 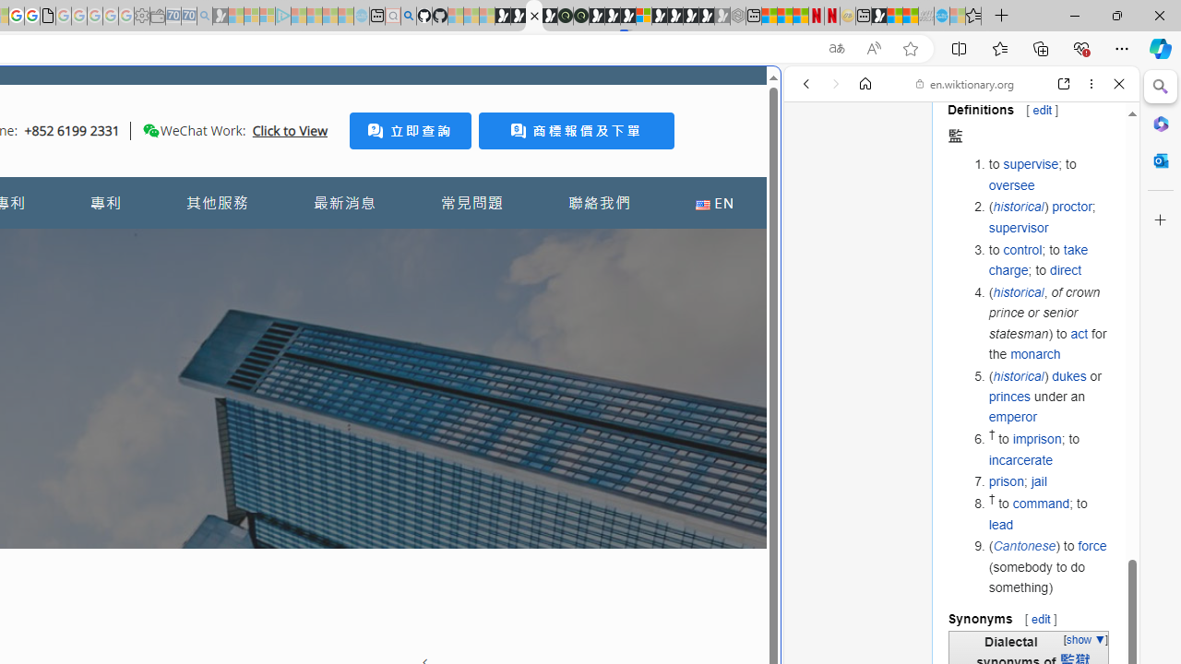 I want to click on 'EN', so click(x=713, y=203).